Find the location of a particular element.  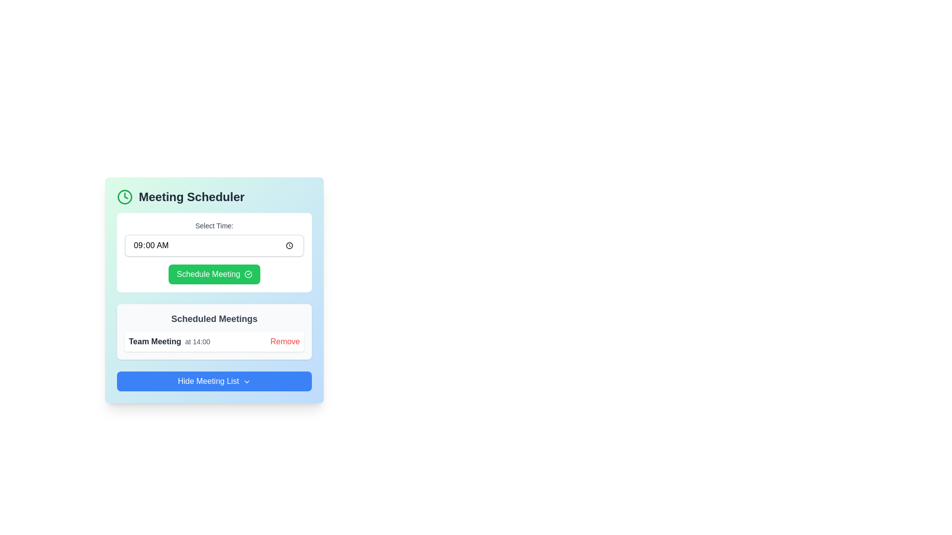

the 'Team Meeting' entry in the 'Scheduled Meetings' section is located at coordinates (214, 341).